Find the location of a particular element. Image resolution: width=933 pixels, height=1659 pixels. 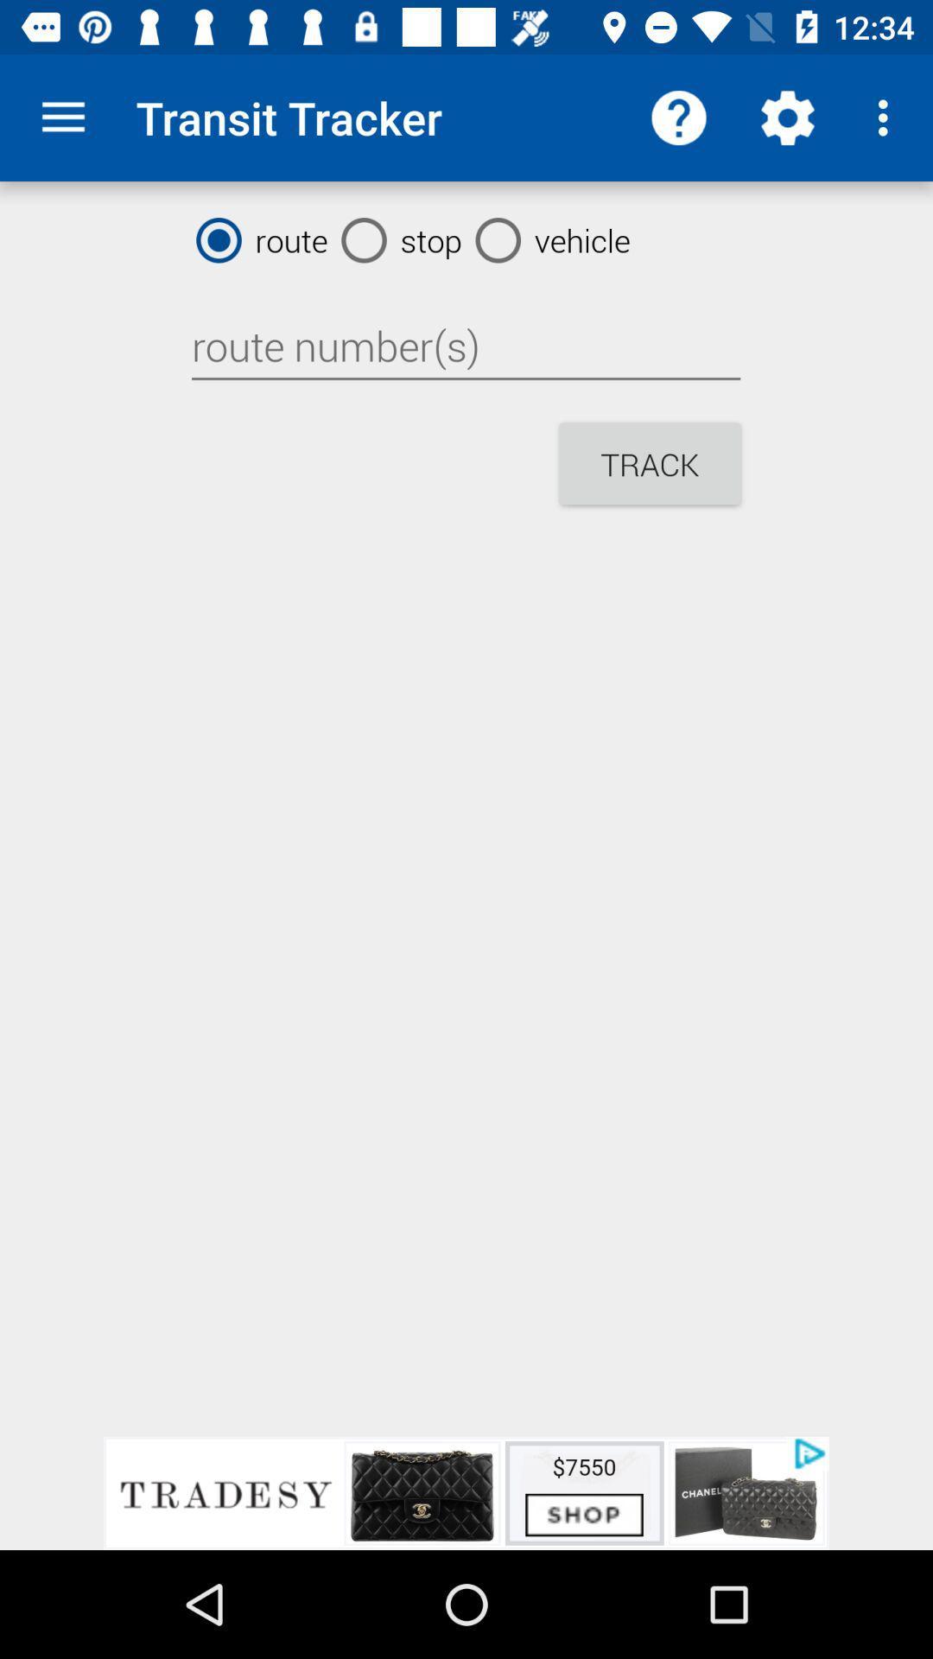

the route numbers is located at coordinates (465, 346).